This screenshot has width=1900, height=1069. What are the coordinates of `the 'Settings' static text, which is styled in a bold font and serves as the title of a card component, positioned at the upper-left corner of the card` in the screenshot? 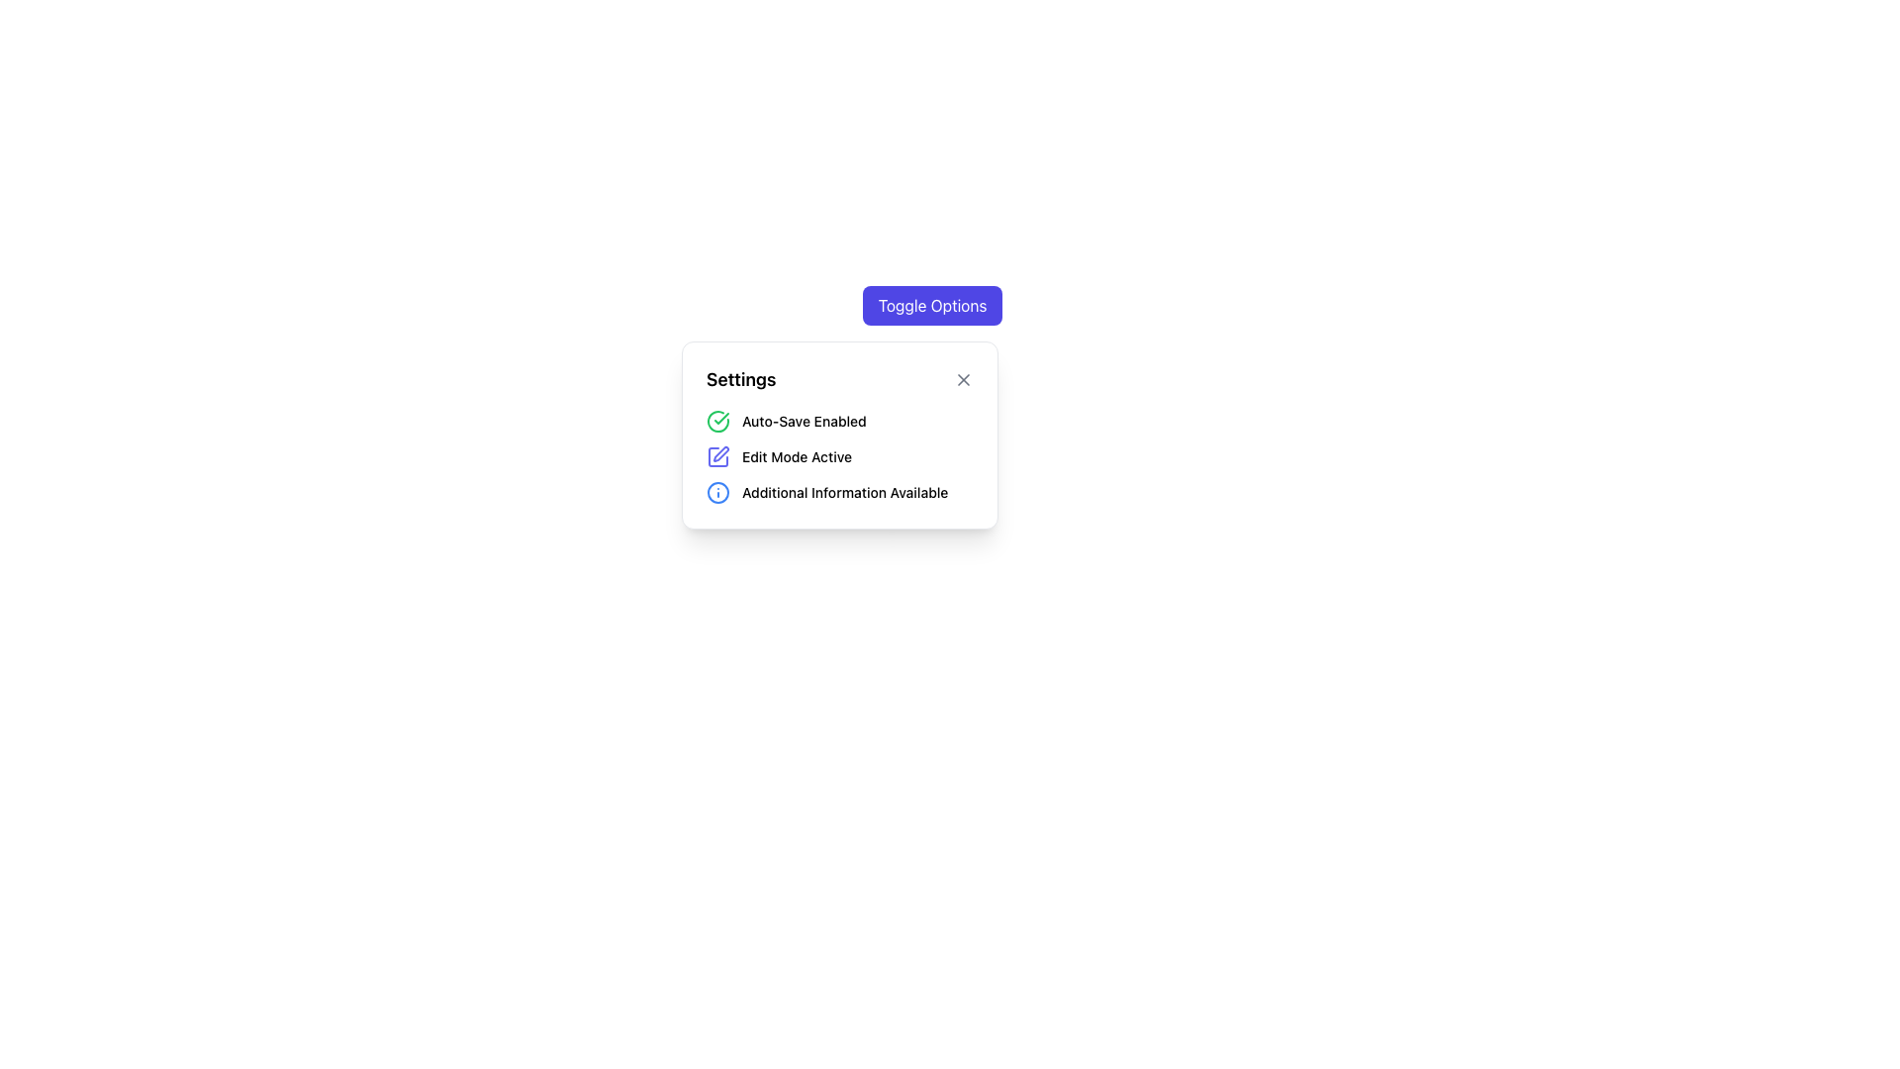 It's located at (740, 380).